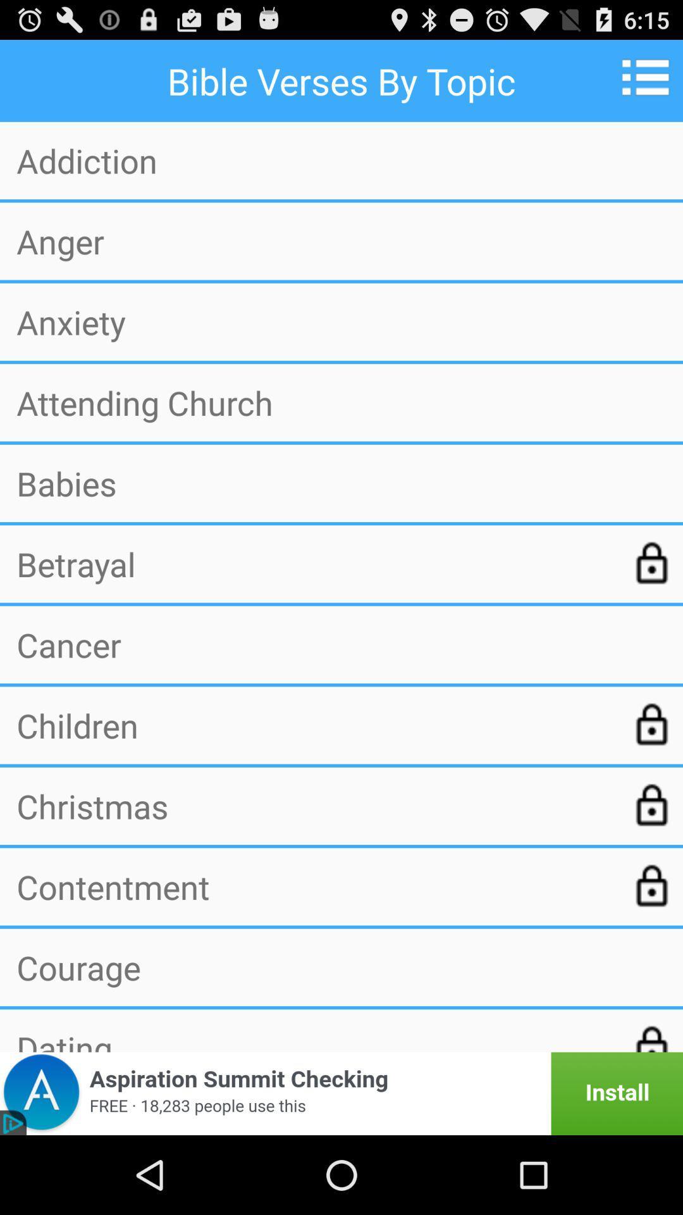 The image size is (683, 1215). I want to click on open advertisement, so click(341, 1093).